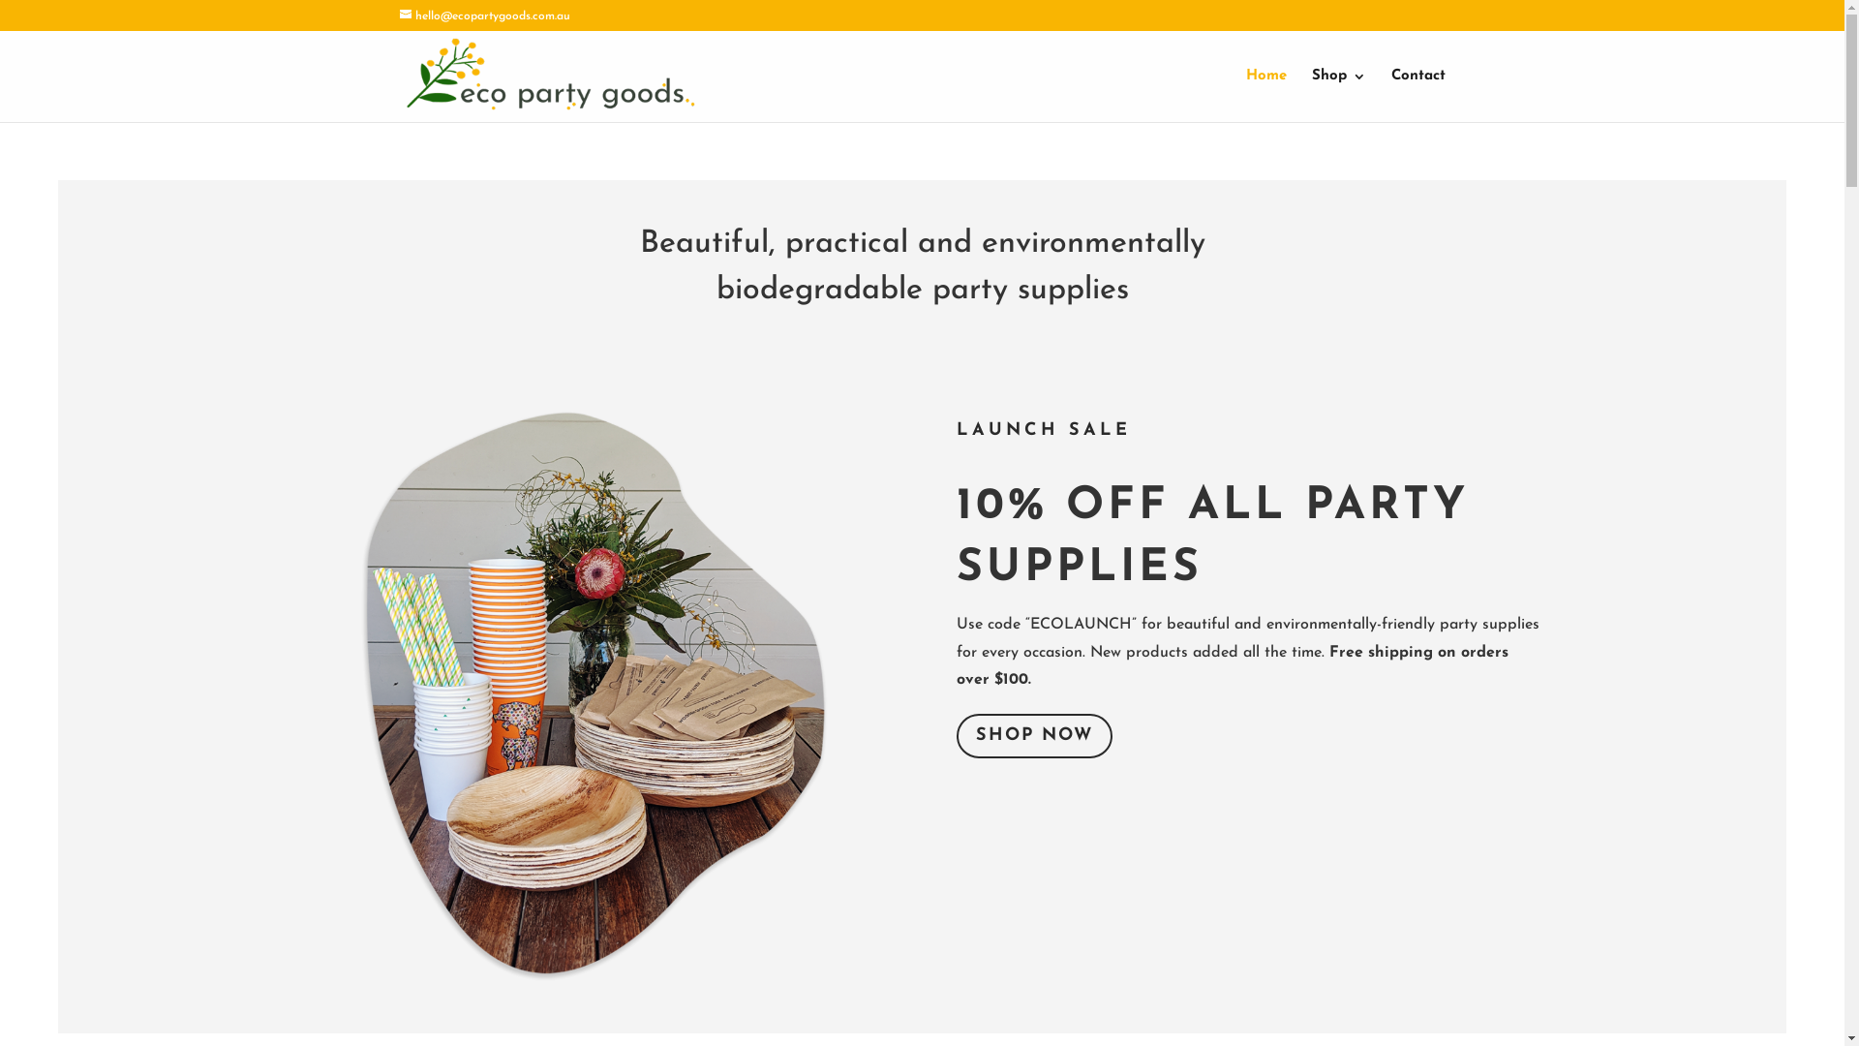  What do you see at coordinates (1388, 96) in the screenshot?
I see `'Contact'` at bounding box center [1388, 96].